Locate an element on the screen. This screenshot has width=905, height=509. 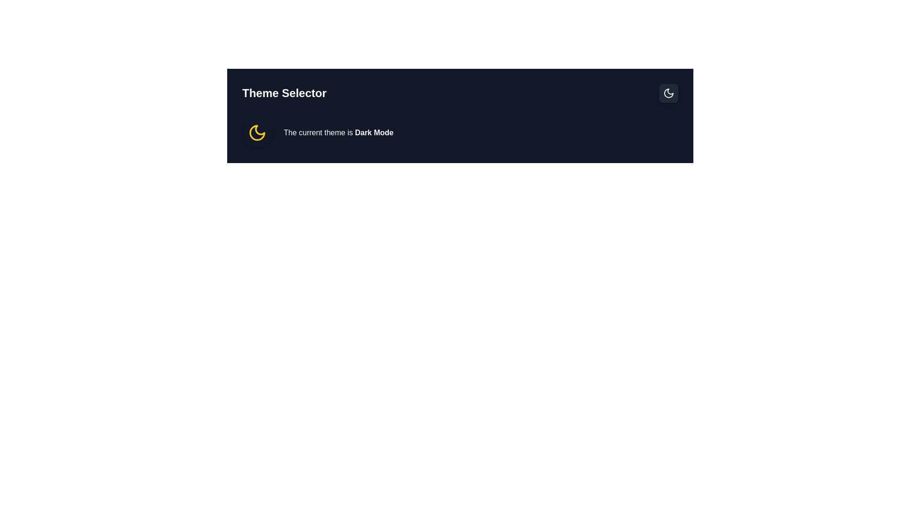
the 'Theme Selector' button located at the far right of the title bar is located at coordinates (668, 93).